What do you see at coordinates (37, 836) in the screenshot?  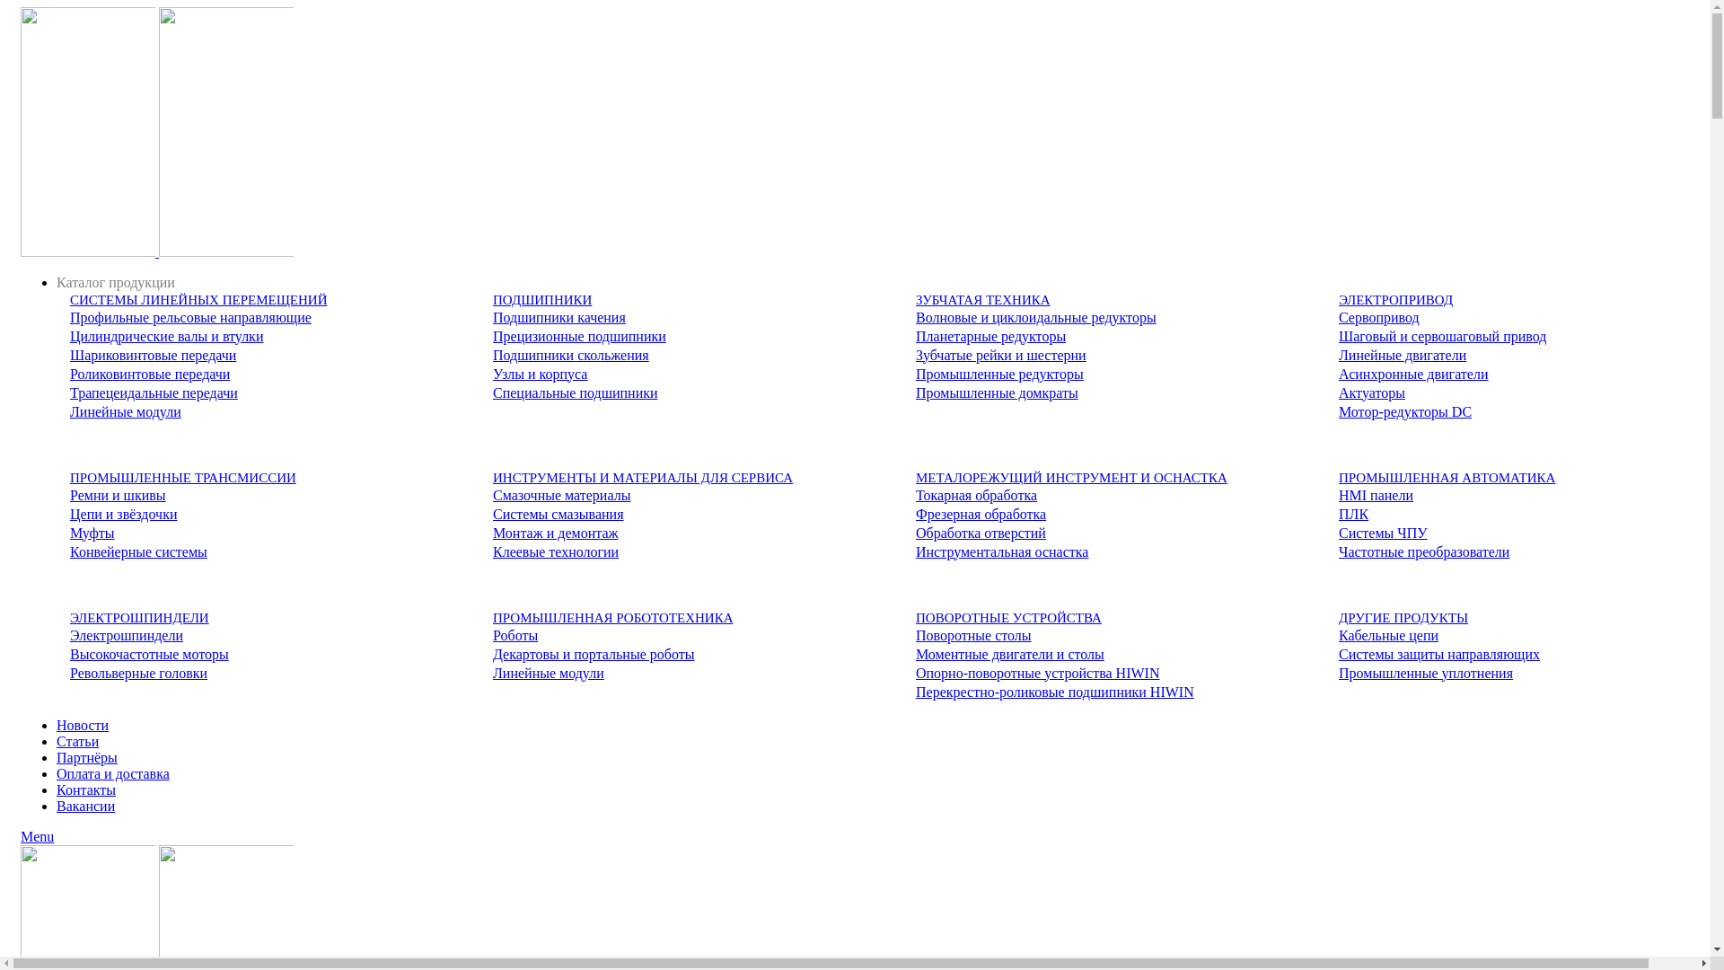 I see `'Menu'` at bounding box center [37, 836].